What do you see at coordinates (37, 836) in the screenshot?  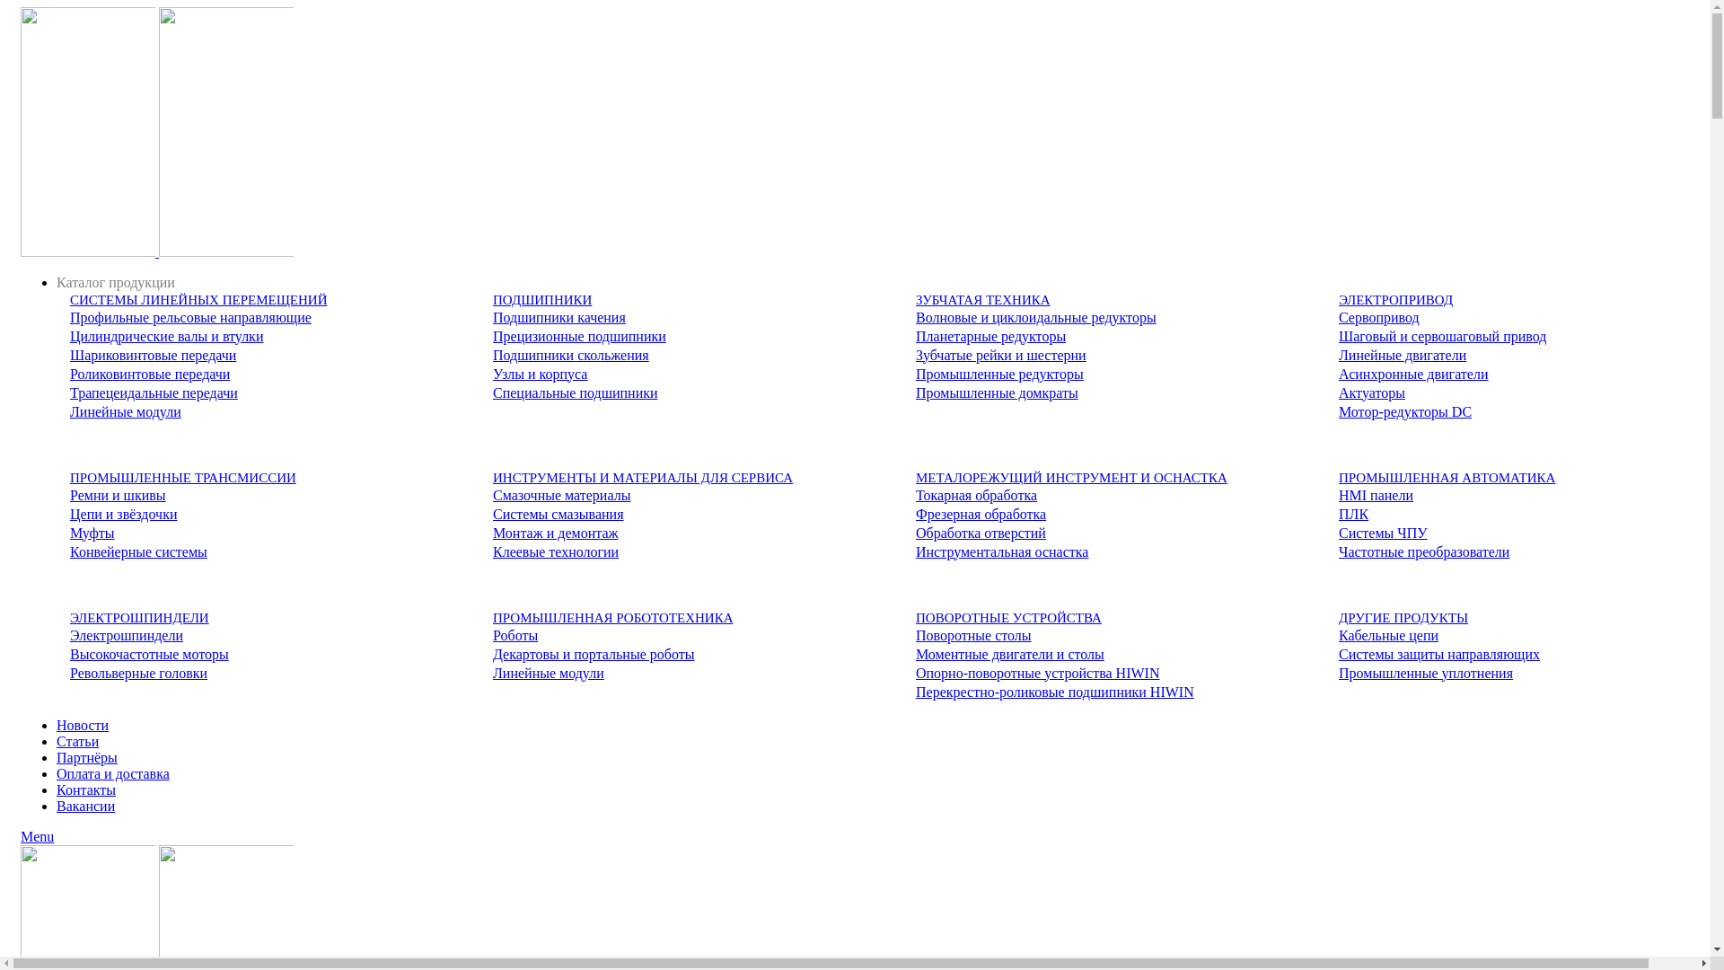 I see `'Menu'` at bounding box center [37, 836].